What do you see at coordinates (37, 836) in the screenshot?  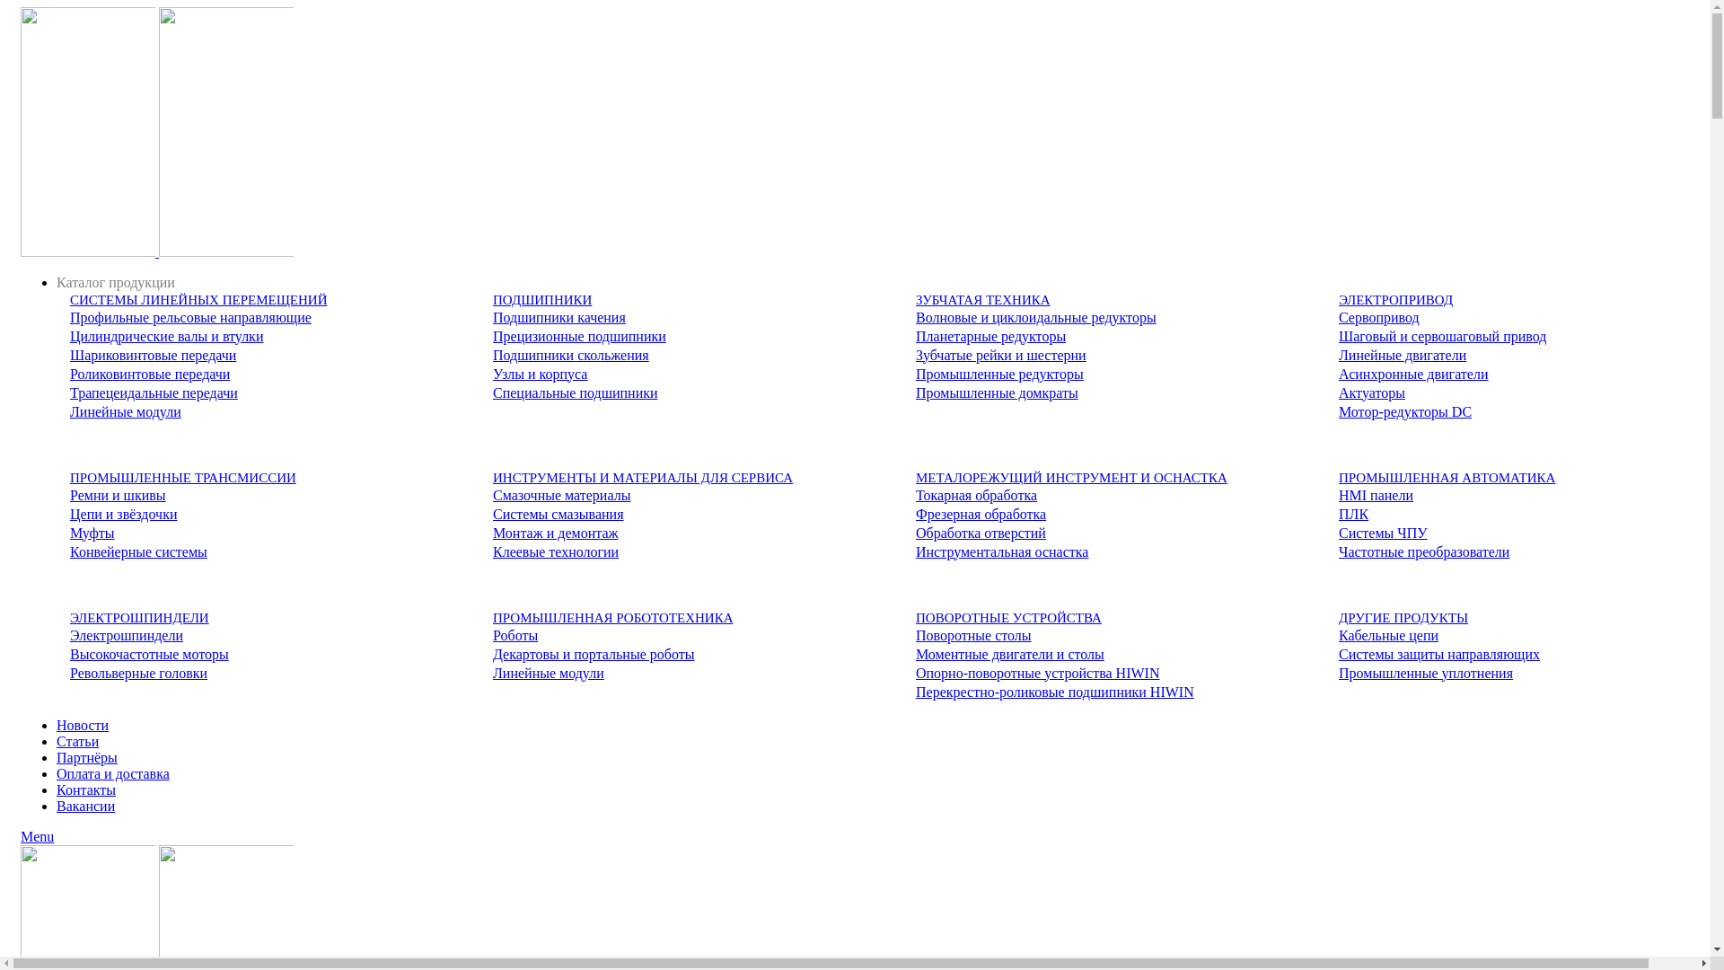 I see `'Menu'` at bounding box center [37, 836].